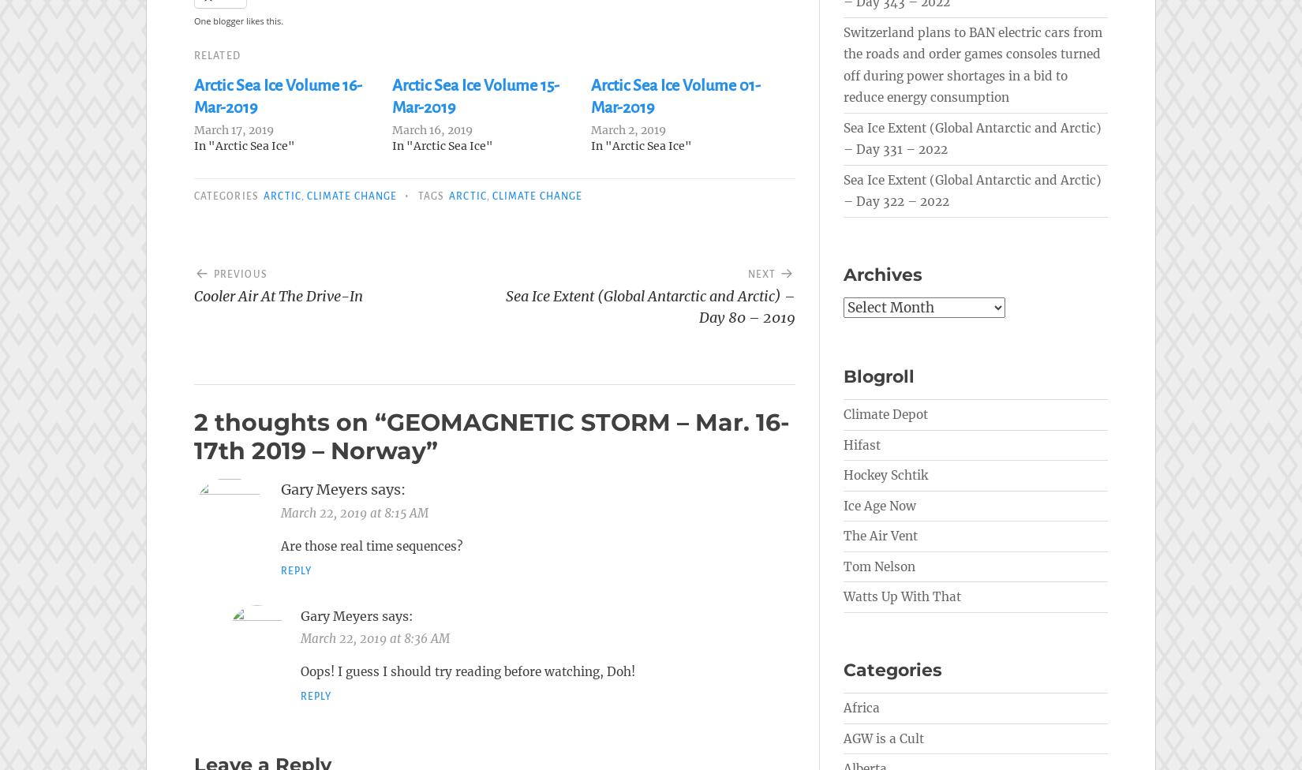  Describe the element at coordinates (213, 275) in the screenshot. I see `'Previous'` at that location.